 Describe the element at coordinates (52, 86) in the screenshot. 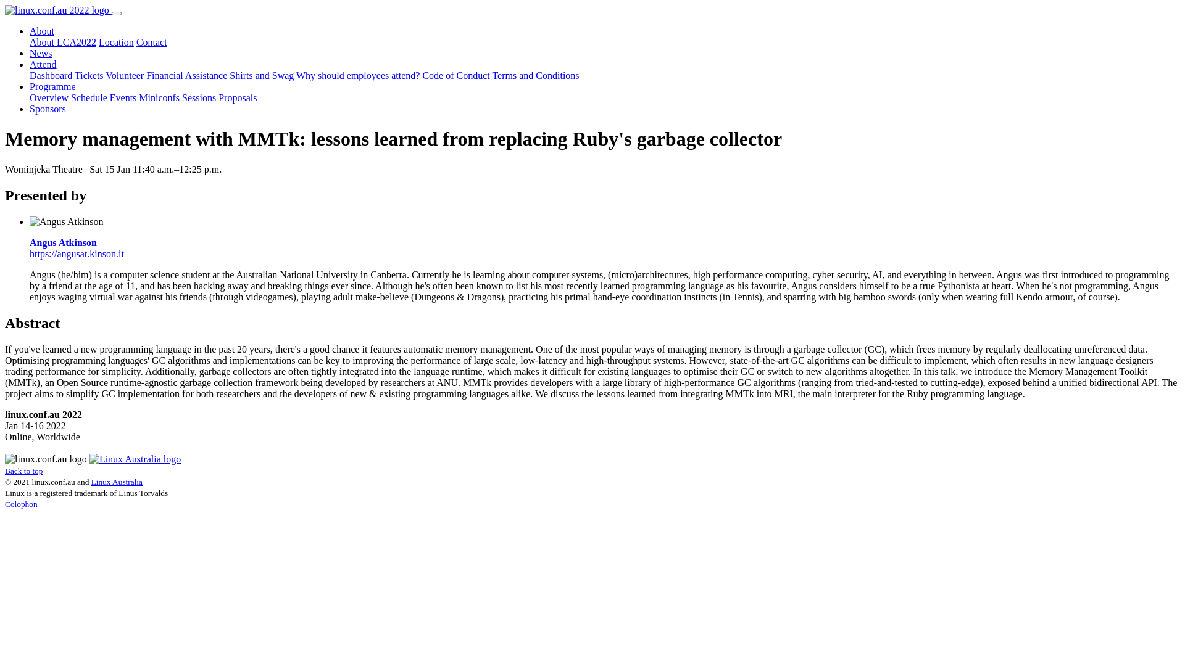

I see `'Programme'` at that location.